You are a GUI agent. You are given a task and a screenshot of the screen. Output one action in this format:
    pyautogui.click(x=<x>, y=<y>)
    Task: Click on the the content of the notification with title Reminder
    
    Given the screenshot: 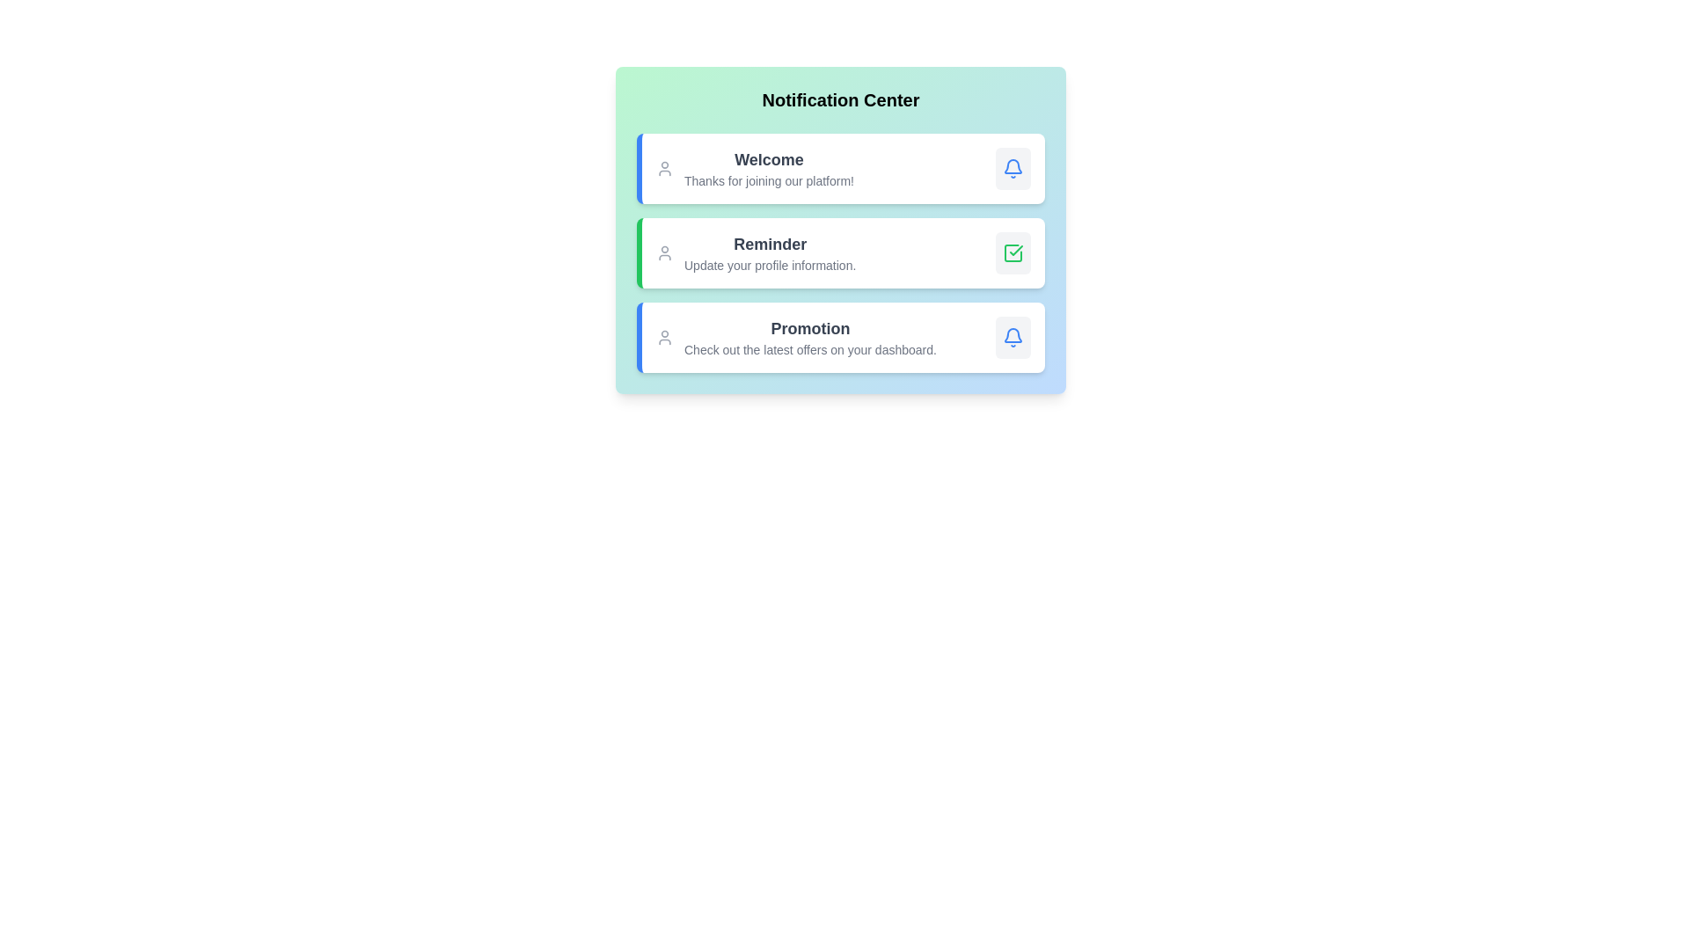 What is the action you would take?
    pyautogui.click(x=769, y=244)
    